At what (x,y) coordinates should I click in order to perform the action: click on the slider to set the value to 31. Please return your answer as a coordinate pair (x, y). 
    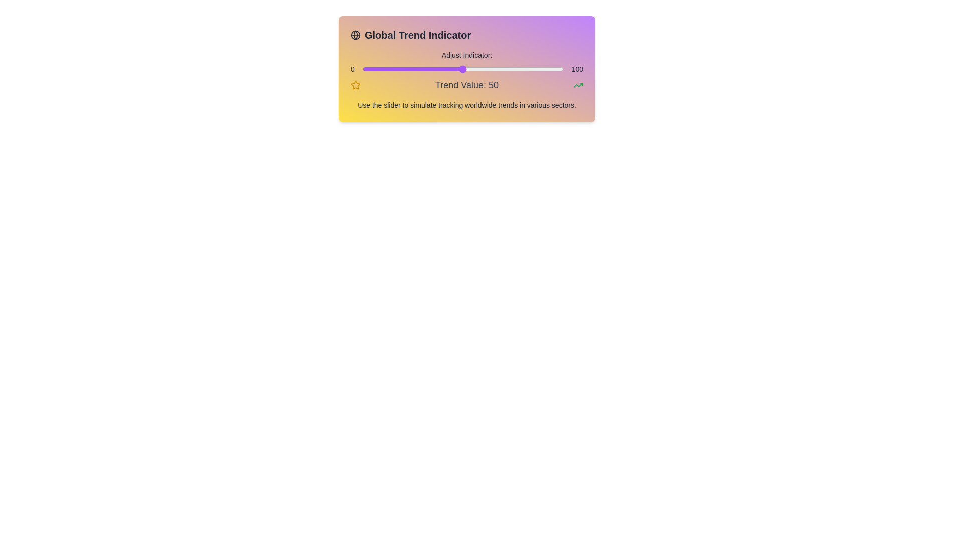
    Looking at the image, I should click on (425, 69).